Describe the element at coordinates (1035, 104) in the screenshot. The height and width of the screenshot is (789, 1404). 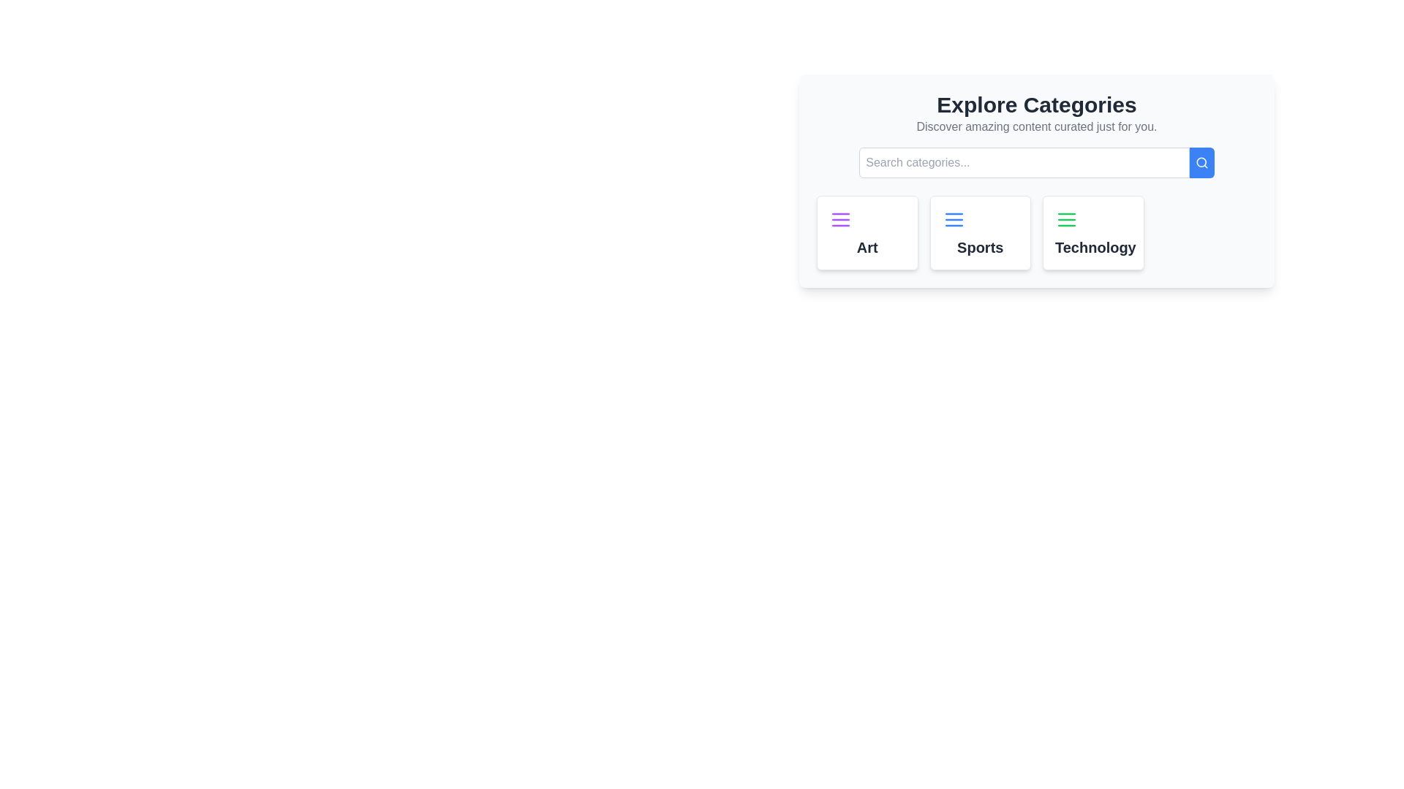
I see `text label 'Explore Categories' which is a large, bold heading displayed at the top of the section` at that location.